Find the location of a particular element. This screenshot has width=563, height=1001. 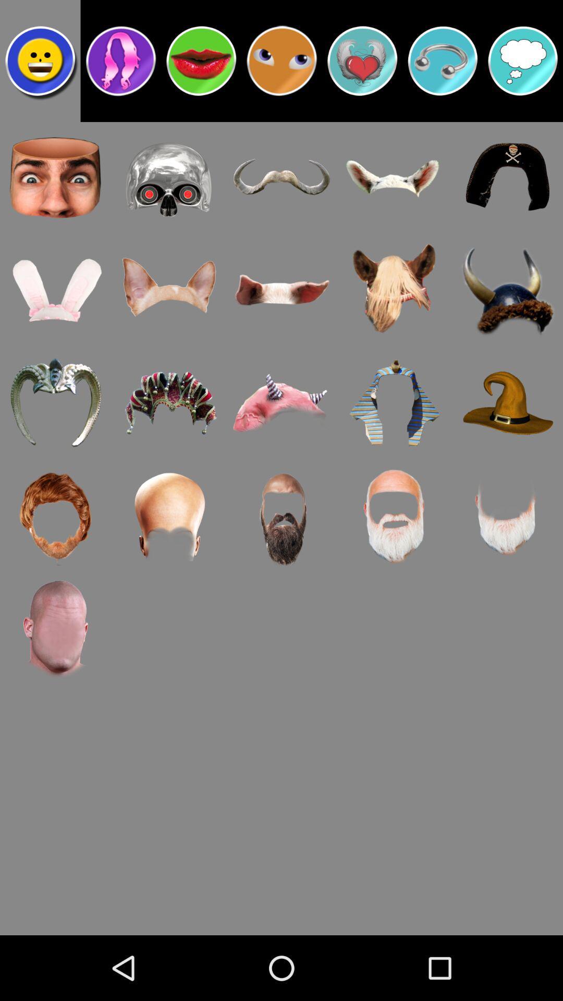

lips tools is located at coordinates (201, 60).